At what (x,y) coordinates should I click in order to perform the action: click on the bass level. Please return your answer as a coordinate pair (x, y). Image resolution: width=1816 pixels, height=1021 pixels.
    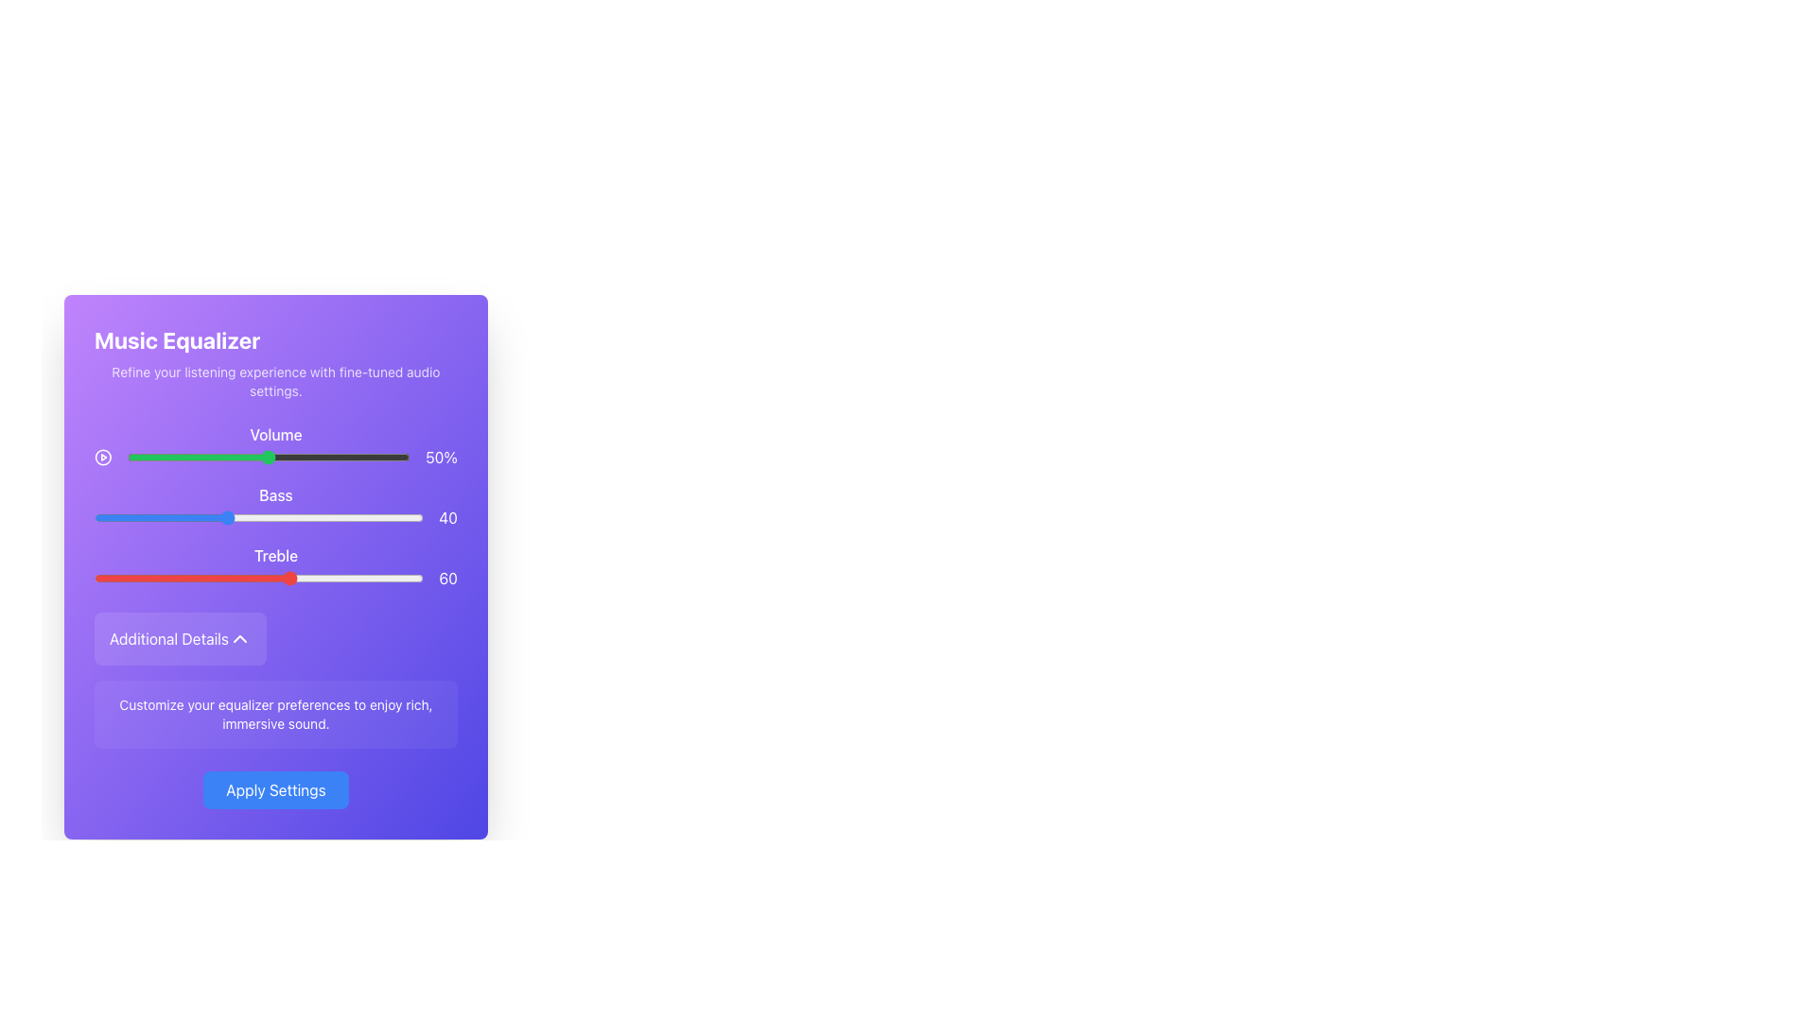
    Looking at the image, I should click on (258, 517).